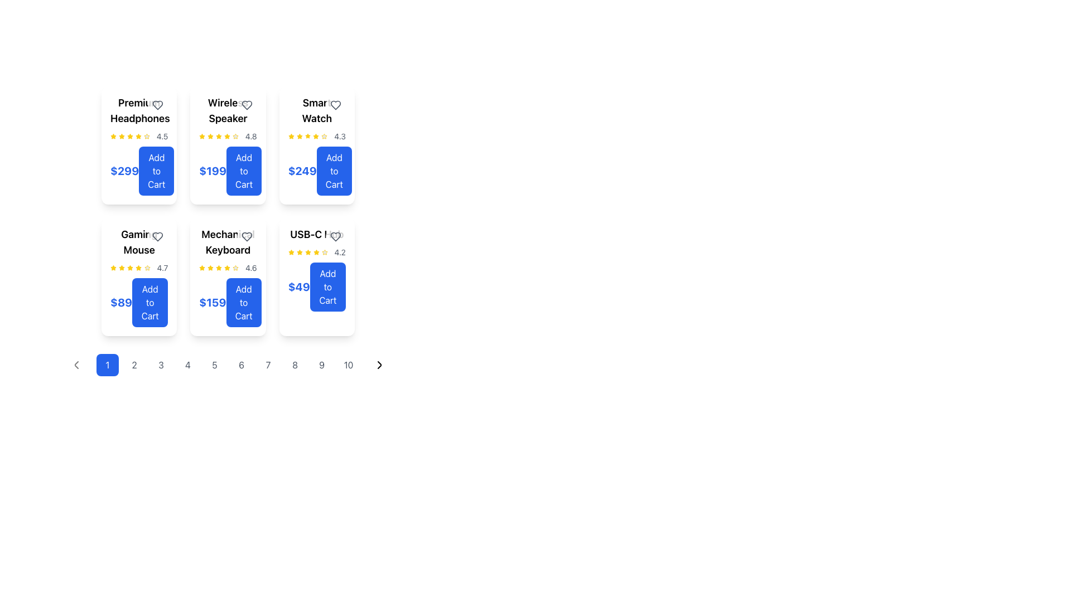 This screenshot has width=1071, height=602. I want to click on the Rating display with stars and numerical text that shows a rating of '4.7' for the product 'Gaming Mouse', located centrally within its card, so click(138, 268).